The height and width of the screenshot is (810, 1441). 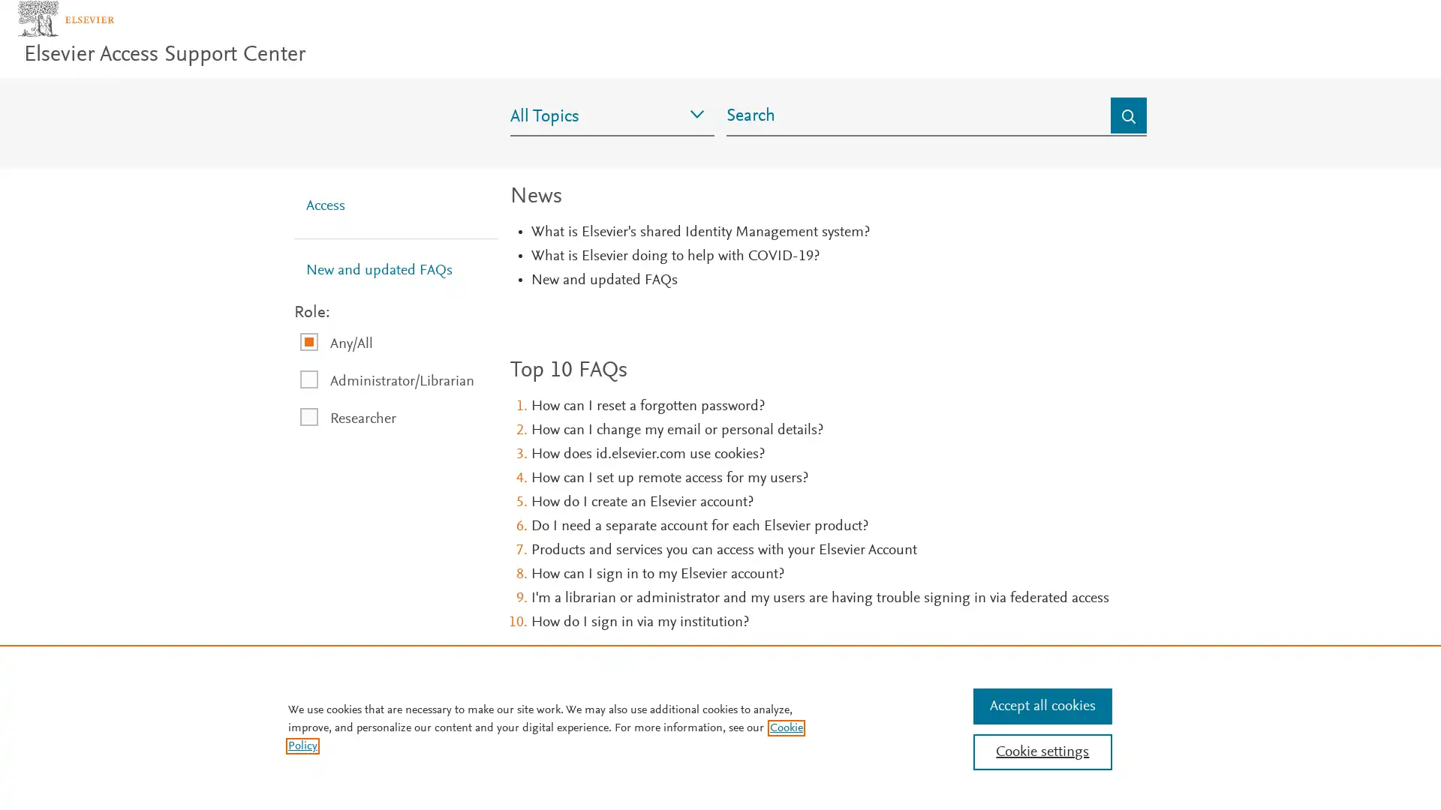 I want to click on Accept all cookies, so click(x=1041, y=706).